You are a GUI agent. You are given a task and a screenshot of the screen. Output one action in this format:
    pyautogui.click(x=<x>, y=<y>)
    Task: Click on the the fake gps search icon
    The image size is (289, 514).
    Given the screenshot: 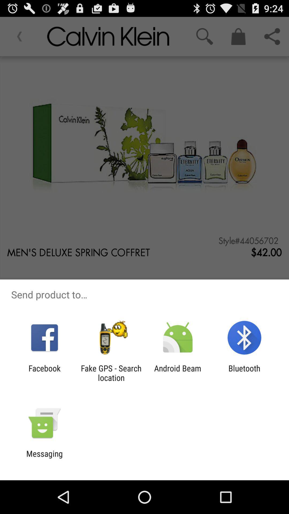 What is the action you would take?
    pyautogui.click(x=111, y=373)
    